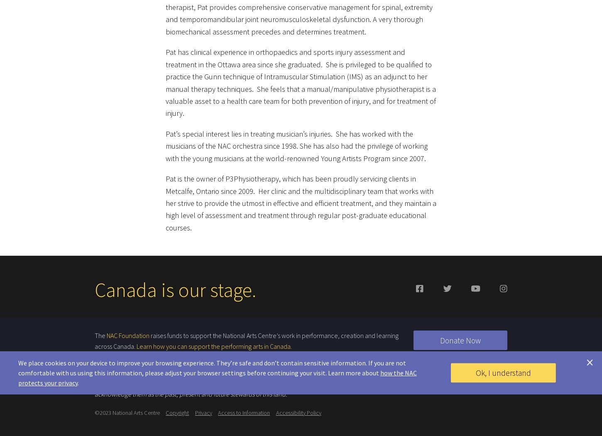 The height and width of the screenshot is (436, 602). Describe the element at coordinates (137, 342) in the screenshot. I see `'Learn how you can support the performing arts in Canada.'` at that location.